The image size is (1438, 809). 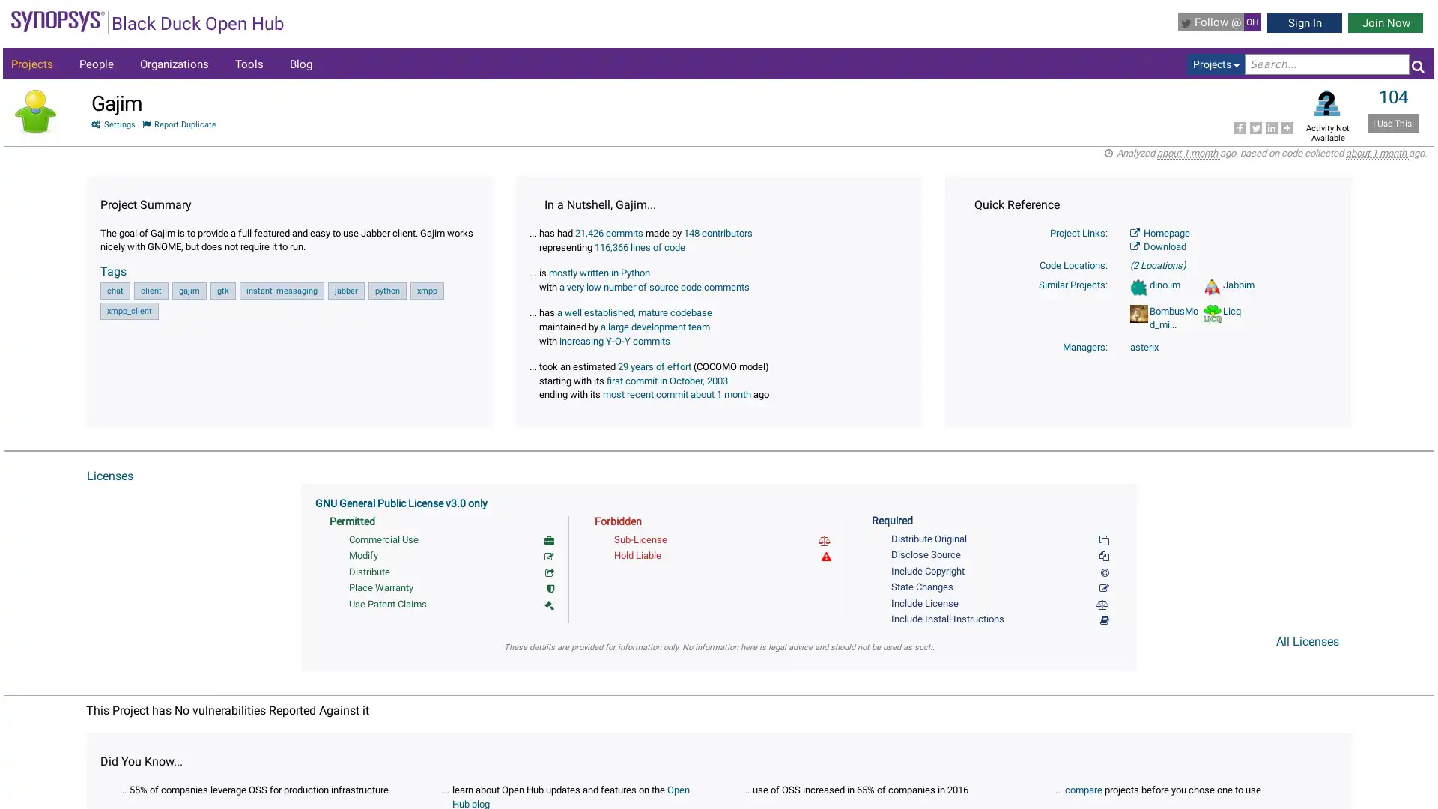 I want to click on Share to LinkedIn, so click(x=1270, y=127).